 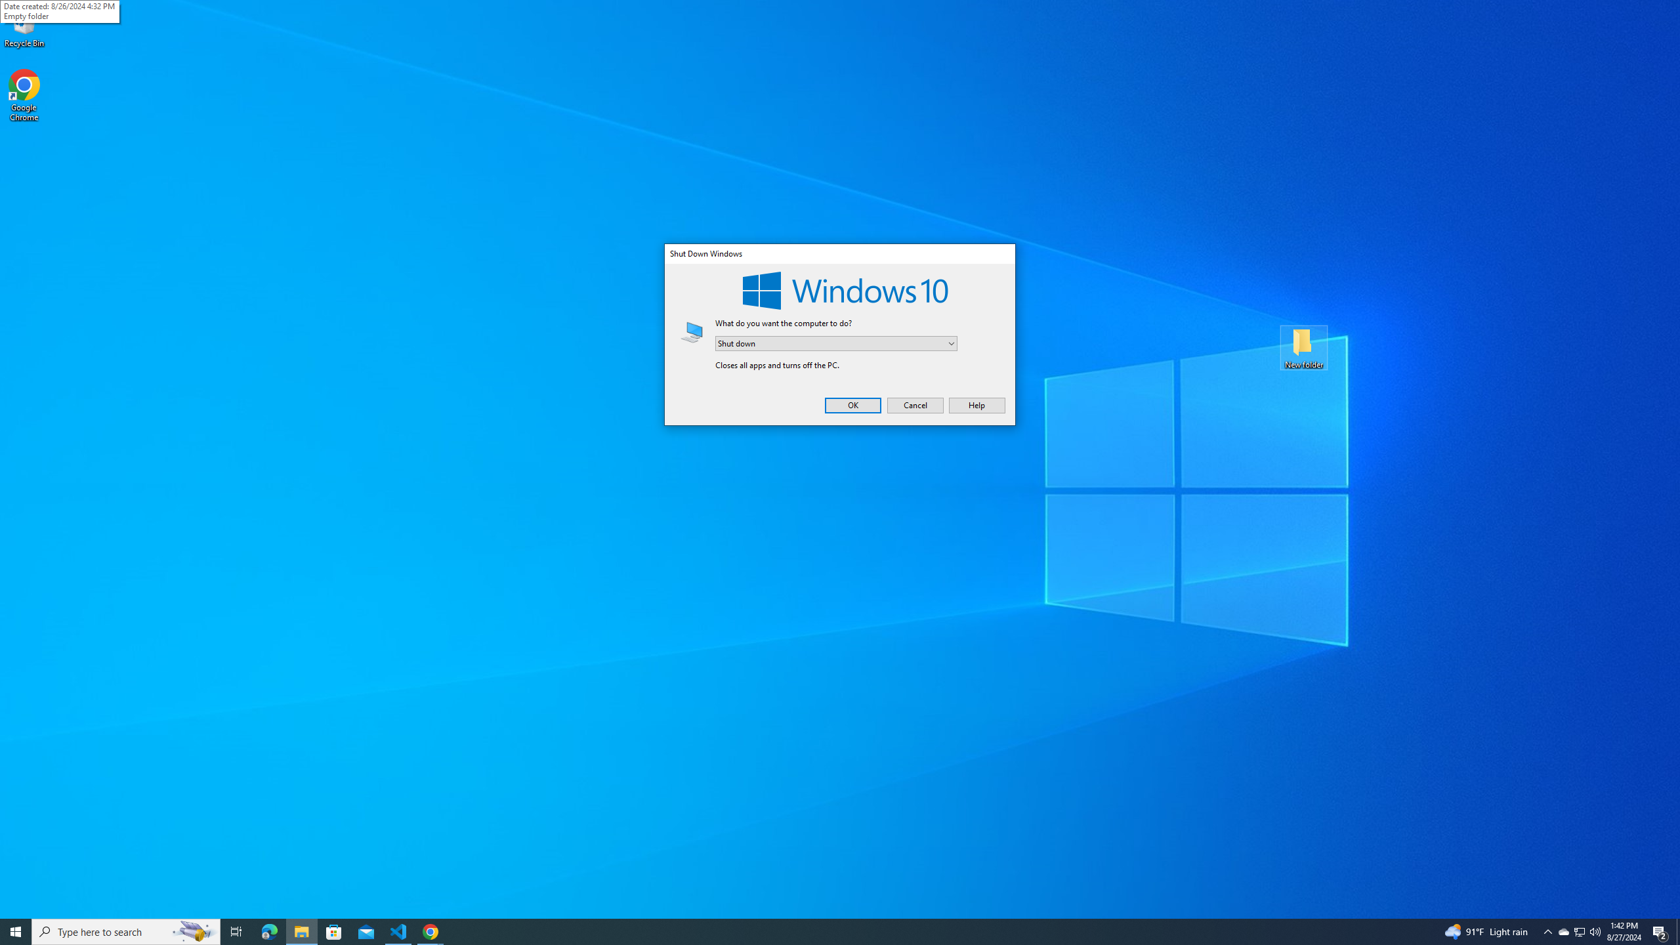 What do you see at coordinates (828, 931) in the screenshot?
I see `'Running applications'` at bounding box center [828, 931].